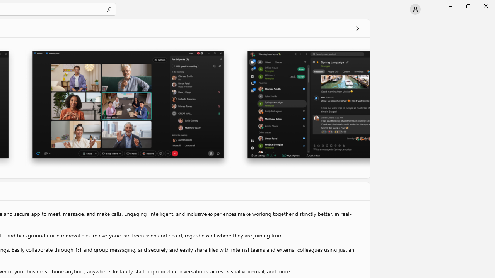 This screenshot has height=278, width=495. What do you see at coordinates (415, 9) in the screenshot?
I see `'User profile'` at bounding box center [415, 9].